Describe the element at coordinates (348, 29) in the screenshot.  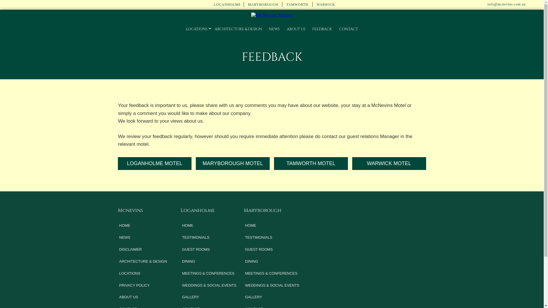
I see `'CONTACT'` at that location.